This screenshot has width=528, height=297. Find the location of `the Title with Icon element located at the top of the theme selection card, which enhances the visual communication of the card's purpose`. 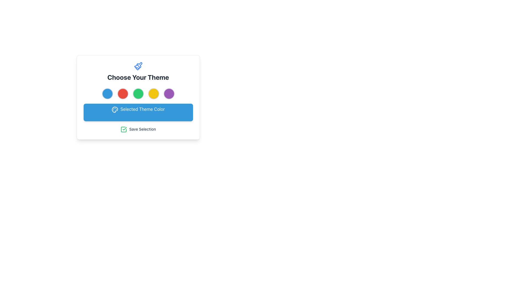

the Title with Icon element located at the top of the theme selection card, which enhances the visual communication of the card's purpose is located at coordinates (138, 71).